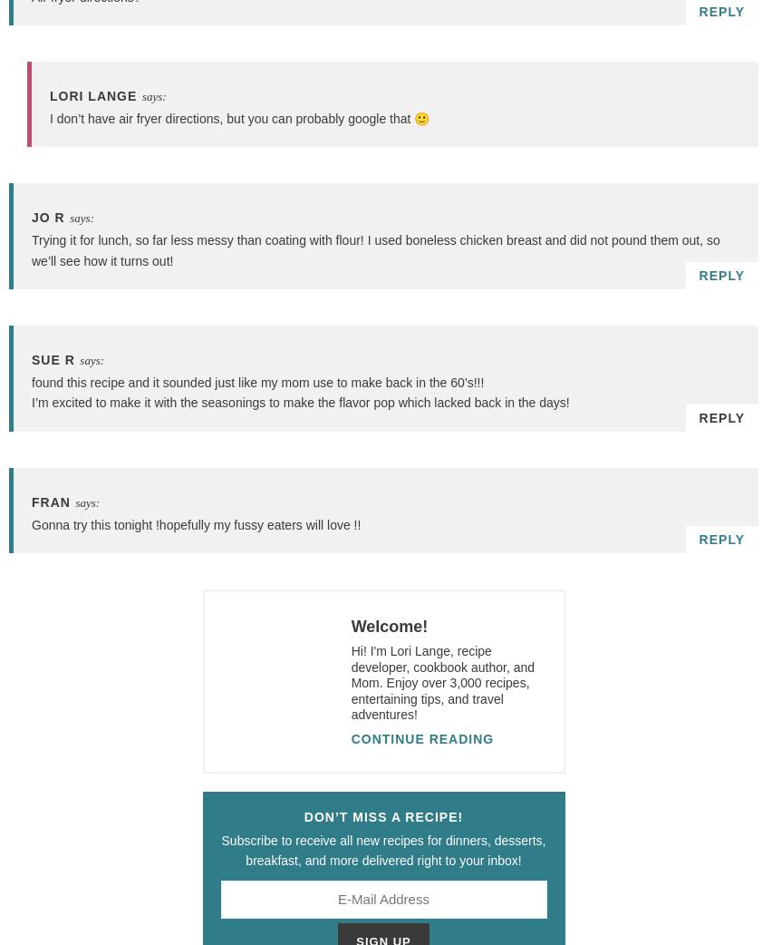  What do you see at coordinates (383, 816) in the screenshot?
I see `'Don’t Miss a Recipe!'` at bounding box center [383, 816].